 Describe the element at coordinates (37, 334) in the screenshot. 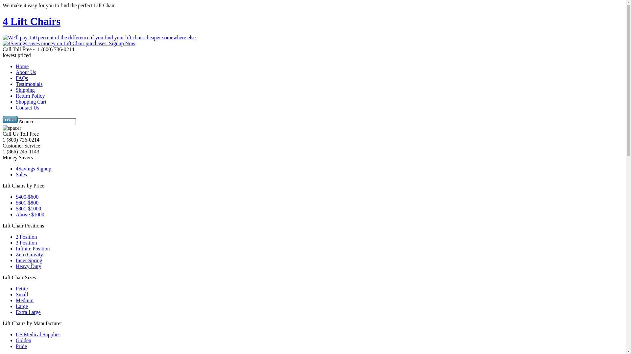

I see `'US Medical Supplies'` at that location.